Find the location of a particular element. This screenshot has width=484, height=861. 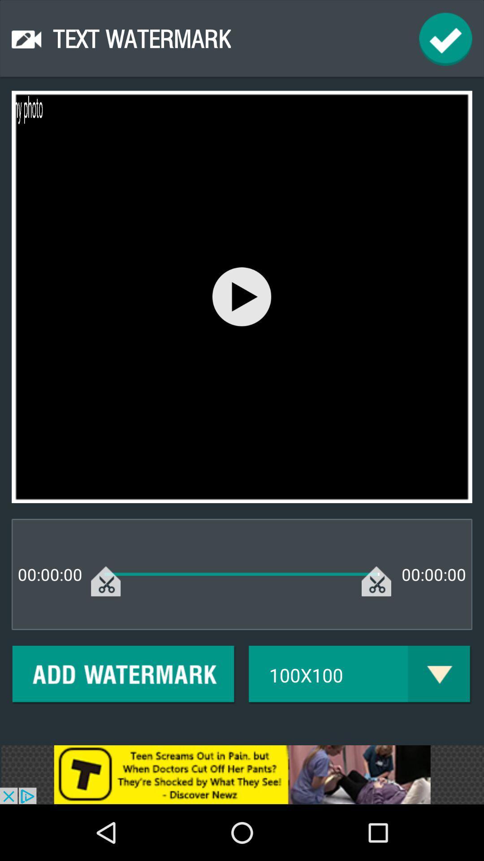

open advertisement is located at coordinates (242, 774).